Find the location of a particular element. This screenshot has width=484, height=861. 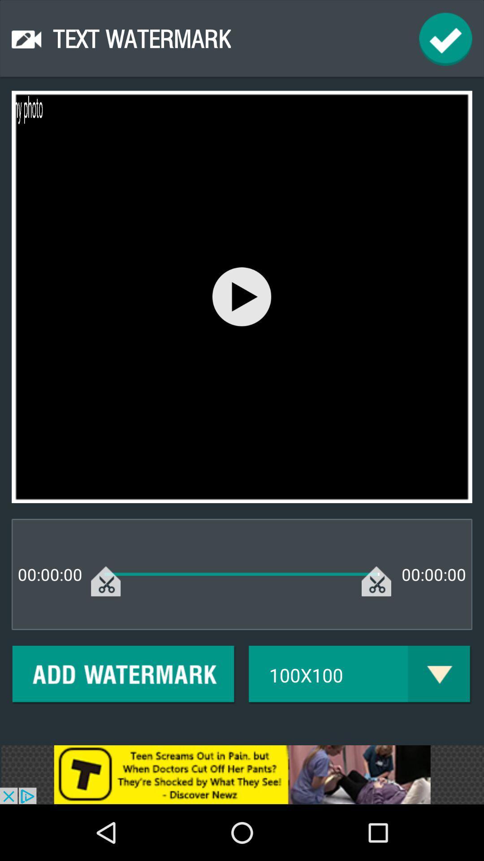

open advertisement is located at coordinates (242, 774).